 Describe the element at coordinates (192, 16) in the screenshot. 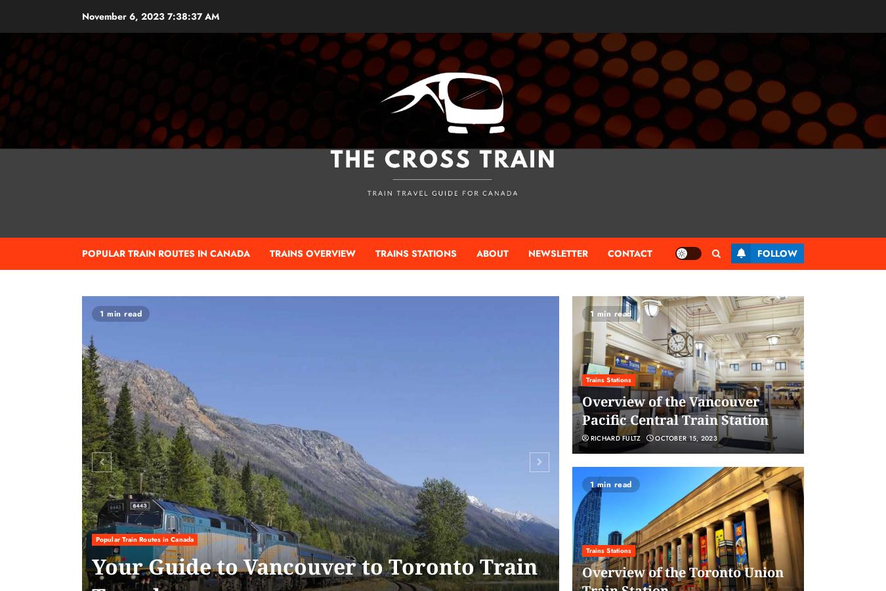

I see `'7:38:38 AM'` at that location.